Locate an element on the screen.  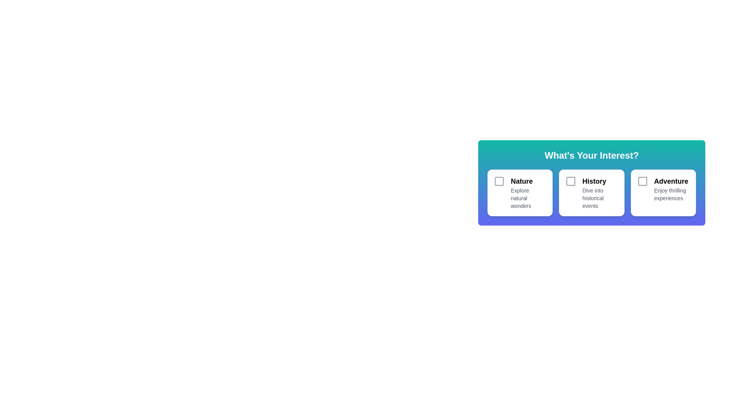
the bold header text label reading 'Adventure' is located at coordinates (671, 181).